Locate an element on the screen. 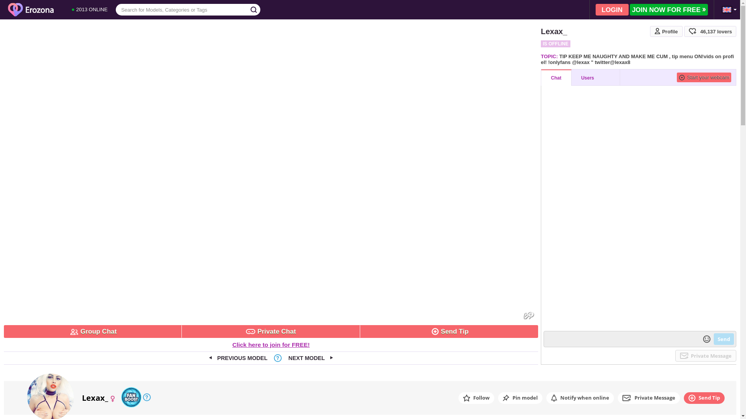 The image size is (746, 419). 'NEXT MODEL' is located at coordinates (310, 358).